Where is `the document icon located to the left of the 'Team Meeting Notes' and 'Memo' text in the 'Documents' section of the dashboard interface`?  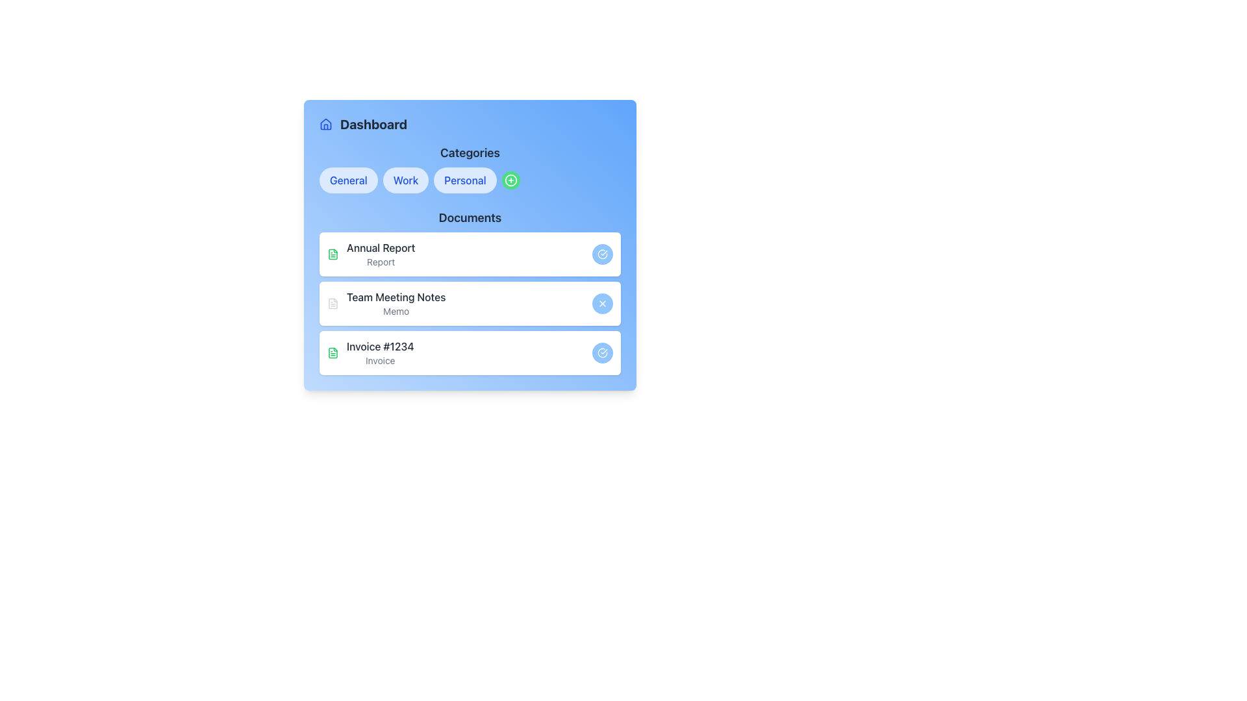
the document icon located to the left of the 'Team Meeting Notes' and 'Memo' text in the 'Documents' section of the dashboard interface is located at coordinates (333, 303).